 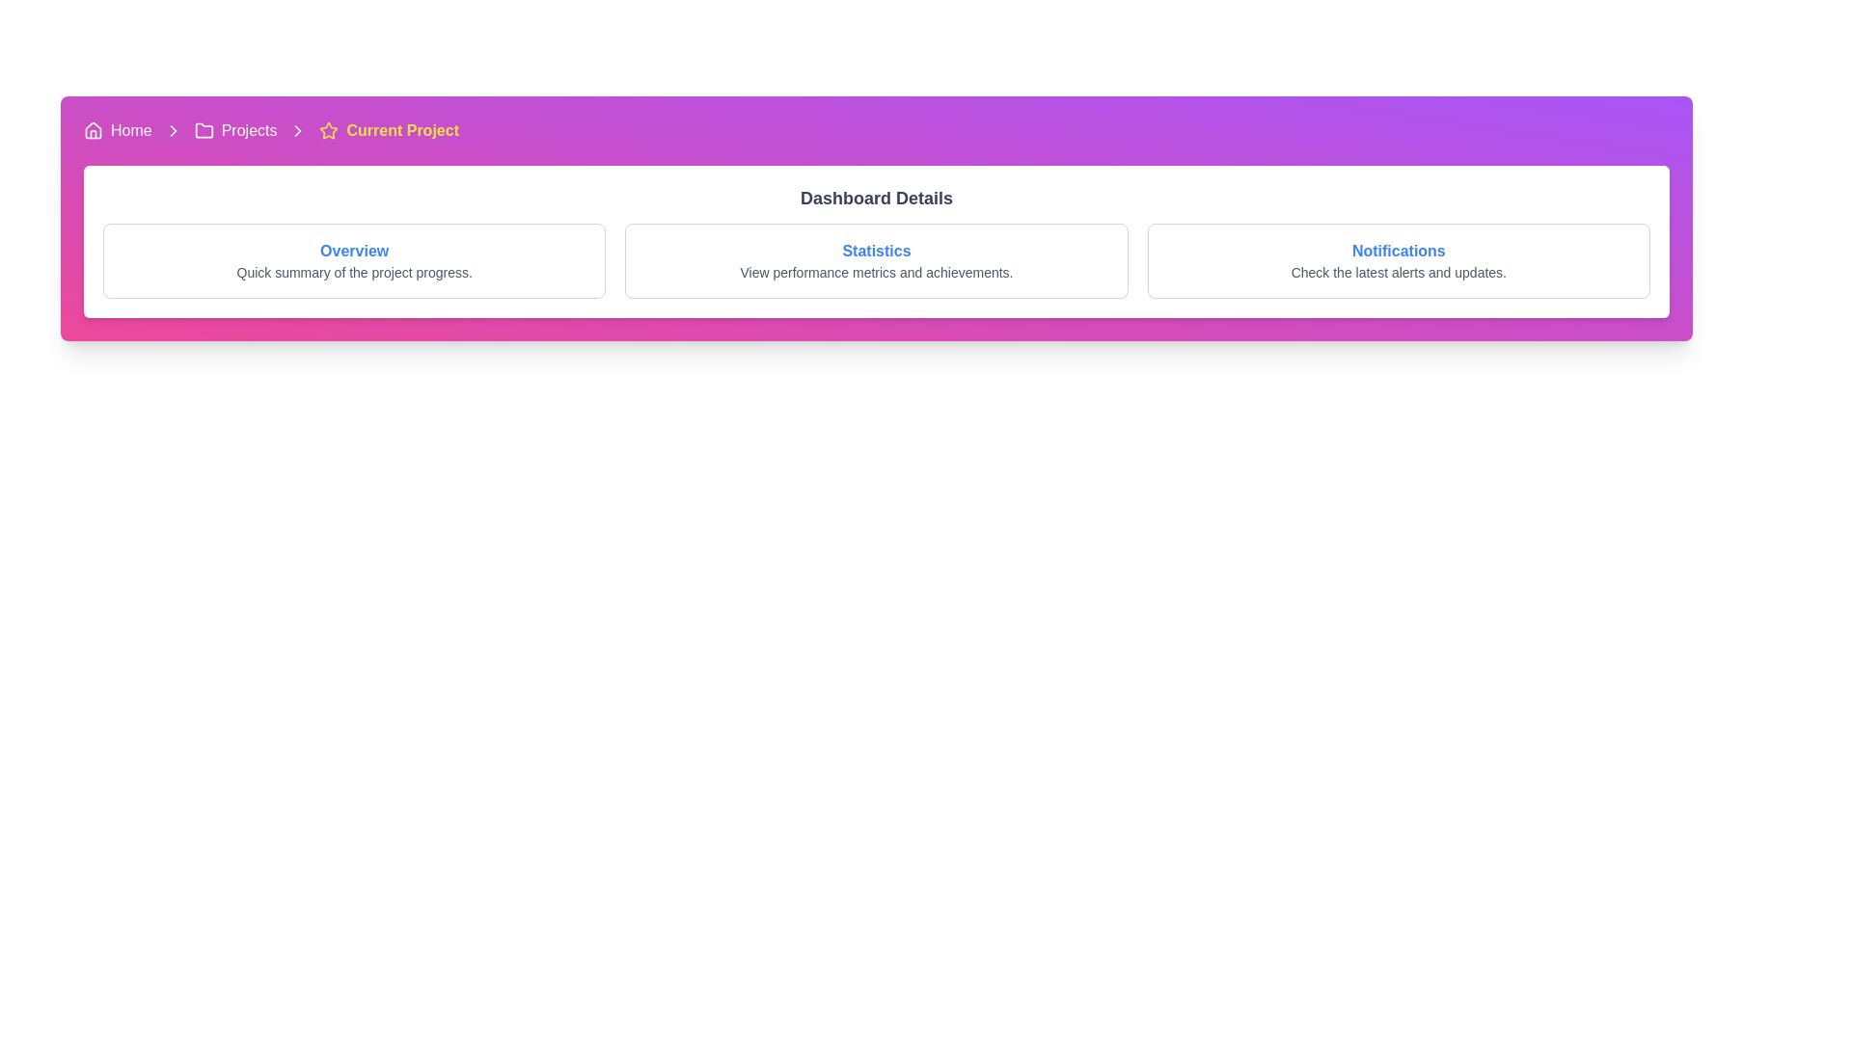 What do you see at coordinates (234, 130) in the screenshot?
I see `the breadcrumb navigation item for 'Projects', which consists of a folder icon and the text 'Projects'` at bounding box center [234, 130].